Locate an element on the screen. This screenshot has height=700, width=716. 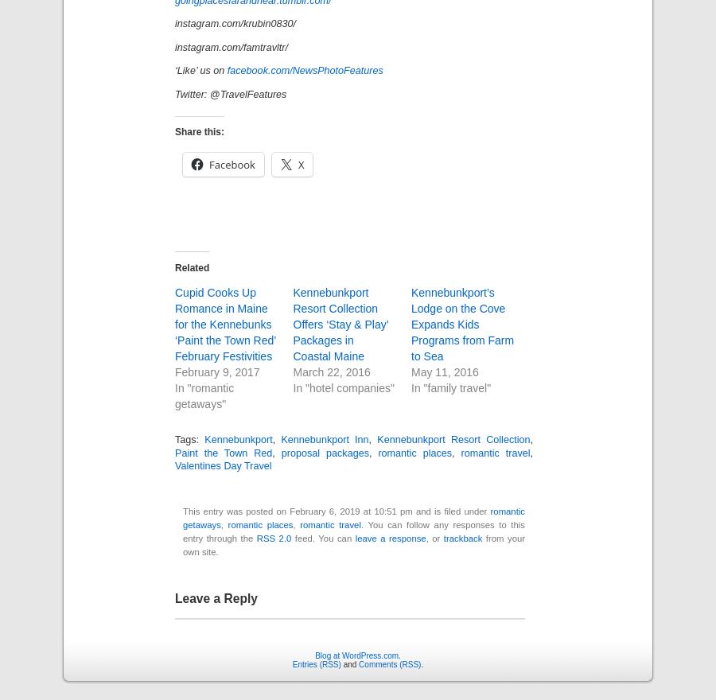
'leave a response' is located at coordinates (389, 537).